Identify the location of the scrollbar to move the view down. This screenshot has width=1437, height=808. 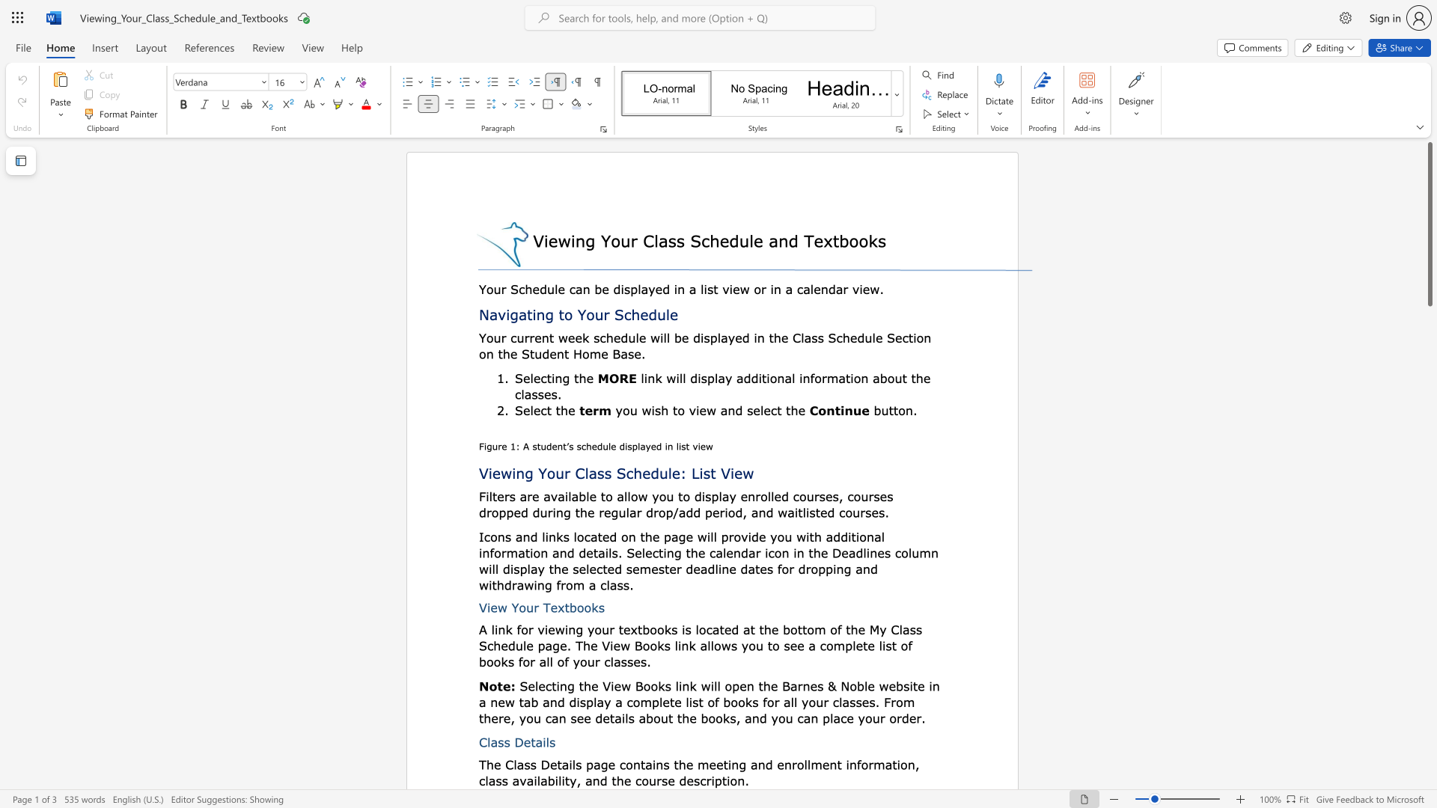
(1429, 470).